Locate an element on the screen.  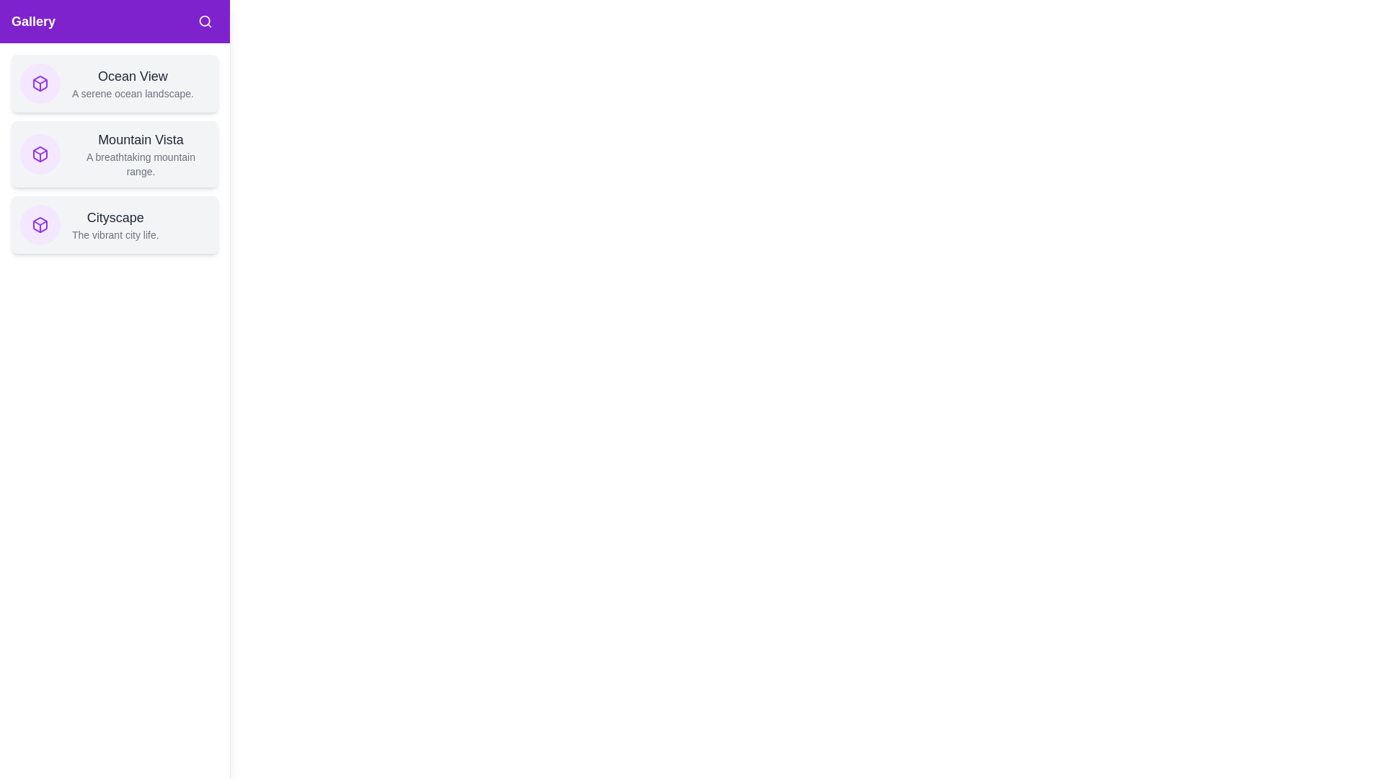
toggle button to open or close the gallery drawer is located at coordinates (31, 31).